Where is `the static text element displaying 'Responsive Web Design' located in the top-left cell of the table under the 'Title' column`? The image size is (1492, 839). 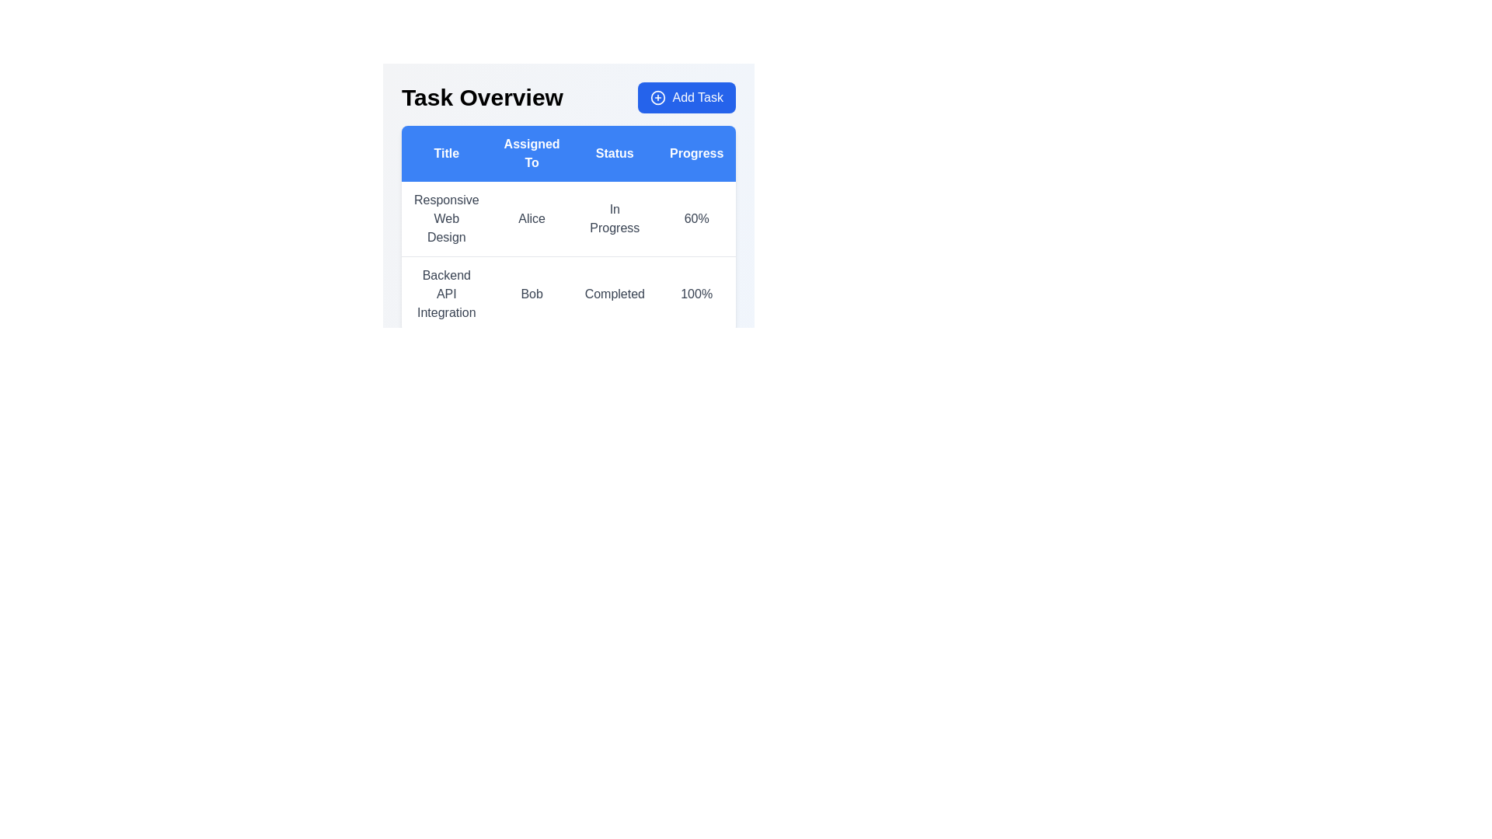 the static text element displaying 'Responsive Web Design' located in the top-left cell of the table under the 'Title' column is located at coordinates (445, 219).